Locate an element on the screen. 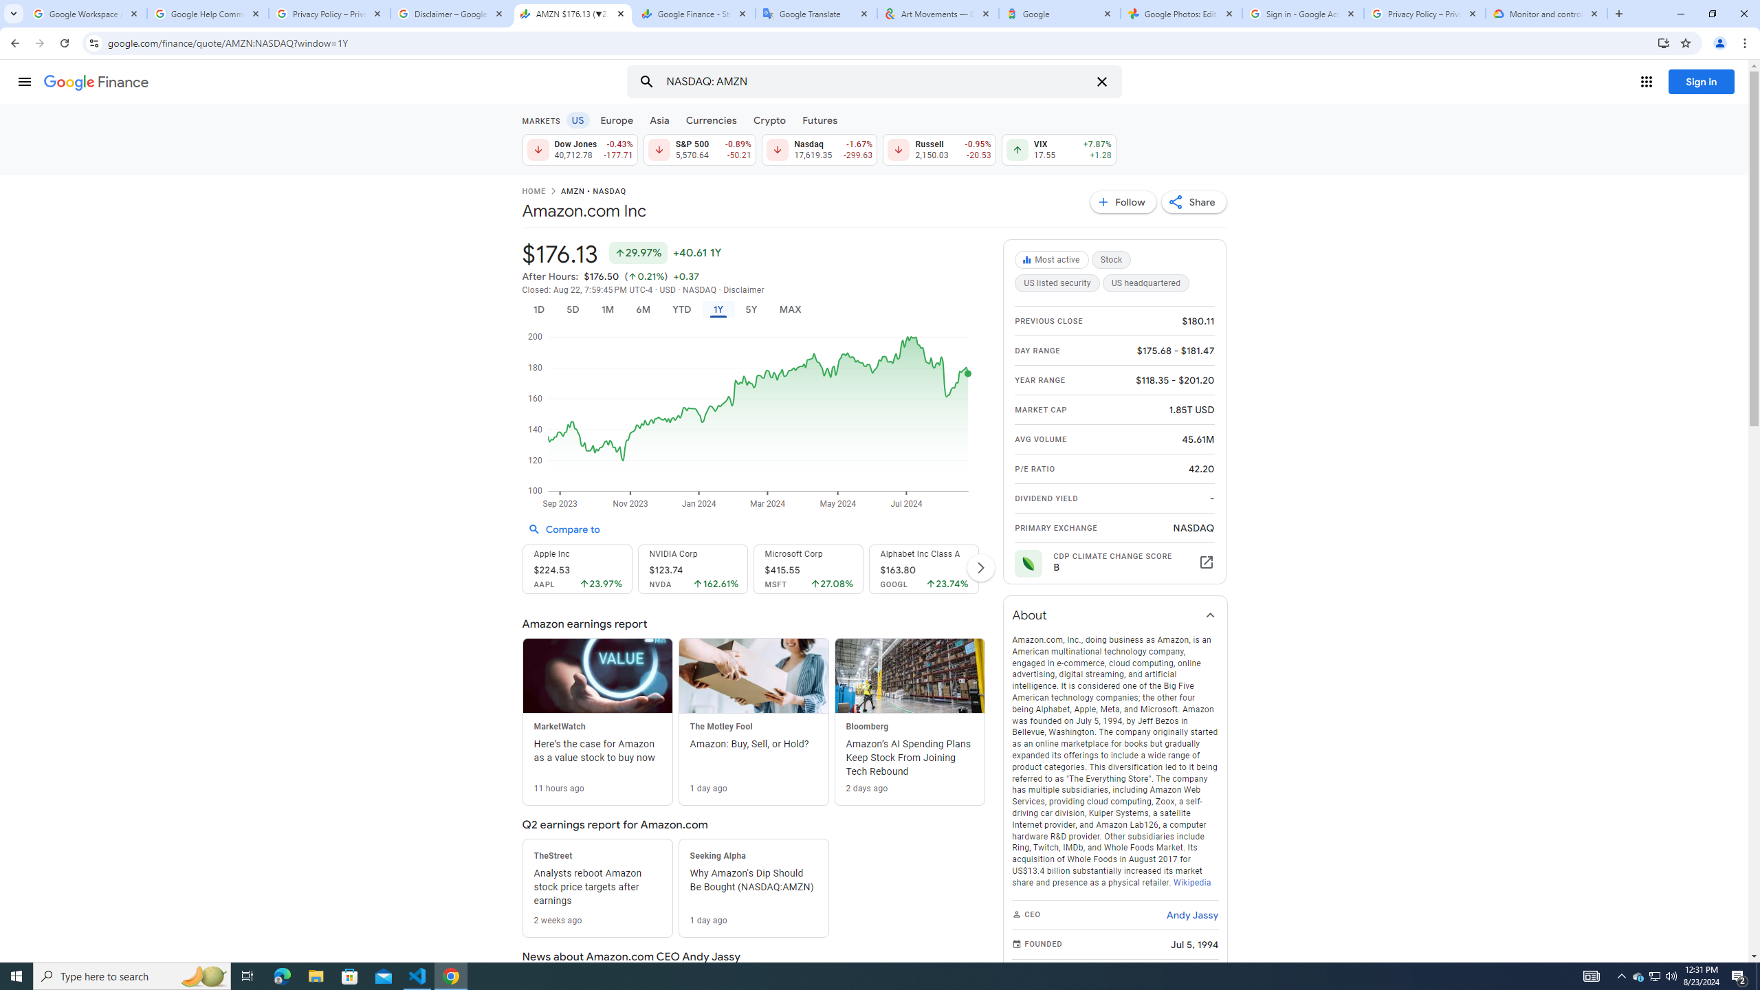 The image size is (1760, 990). 'Sign in - Google Accounts' is located at coordinates (1303, 13).